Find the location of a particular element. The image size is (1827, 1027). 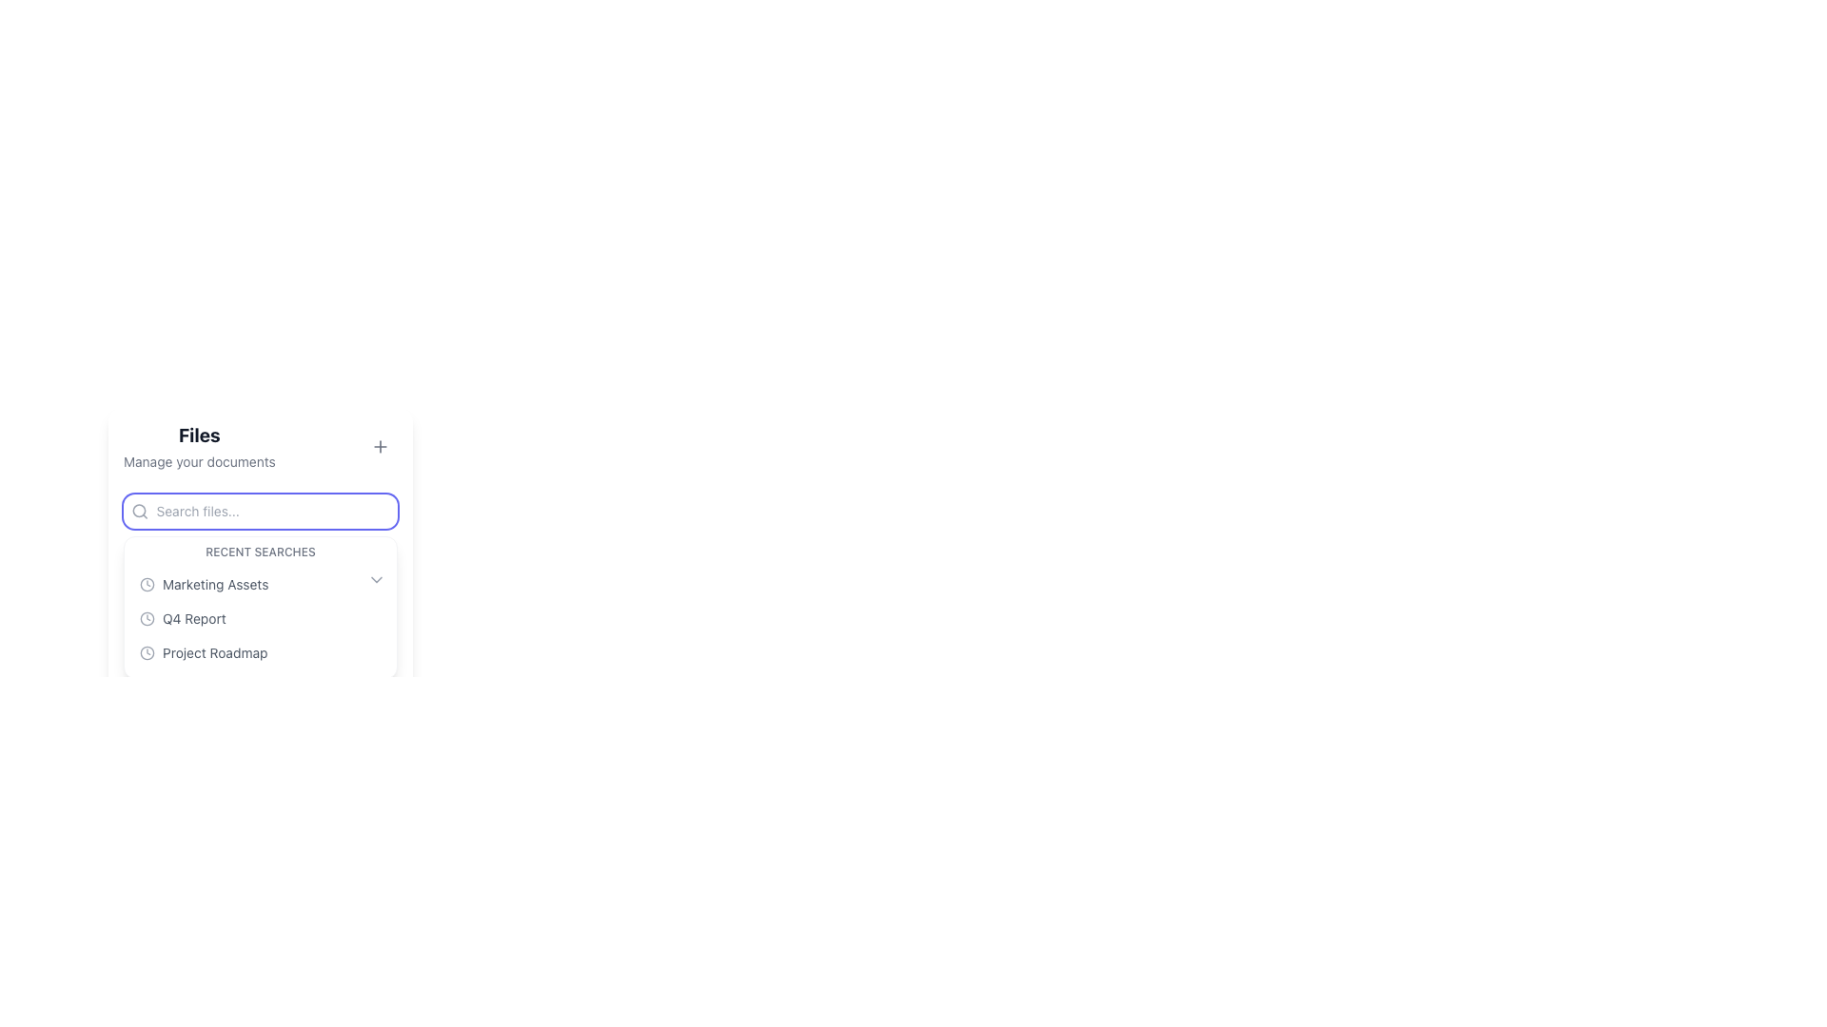

the circular clock-like icon located in the 'Marketing Assets' group, which features clock hands and is styled in gray is located at coordinates (146, 583).